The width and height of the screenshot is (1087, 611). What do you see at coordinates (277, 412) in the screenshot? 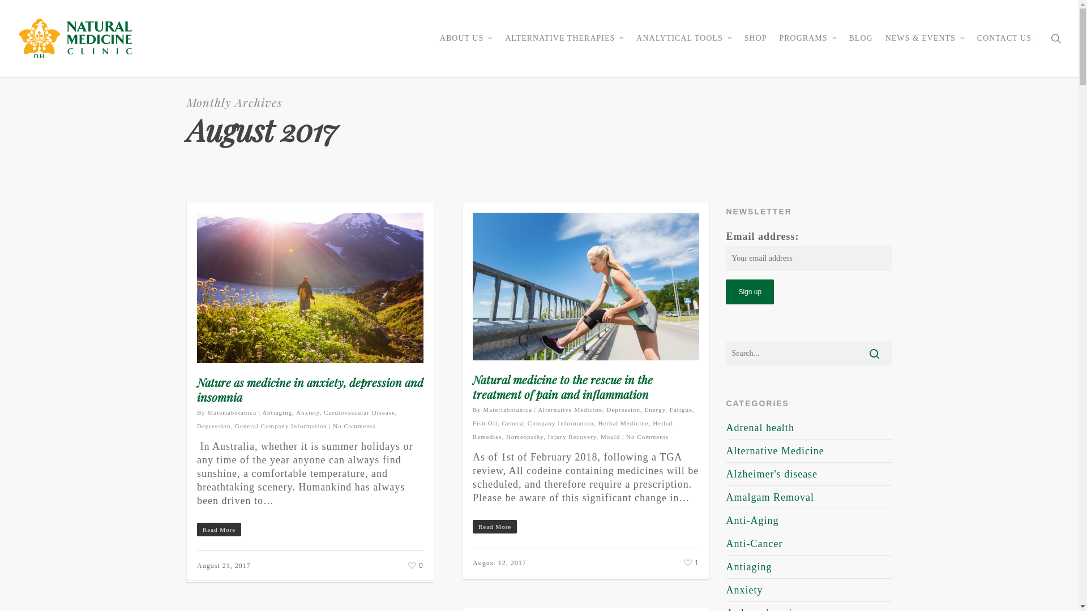
I see `'Antiaging'` at bounding box center [277, 412].